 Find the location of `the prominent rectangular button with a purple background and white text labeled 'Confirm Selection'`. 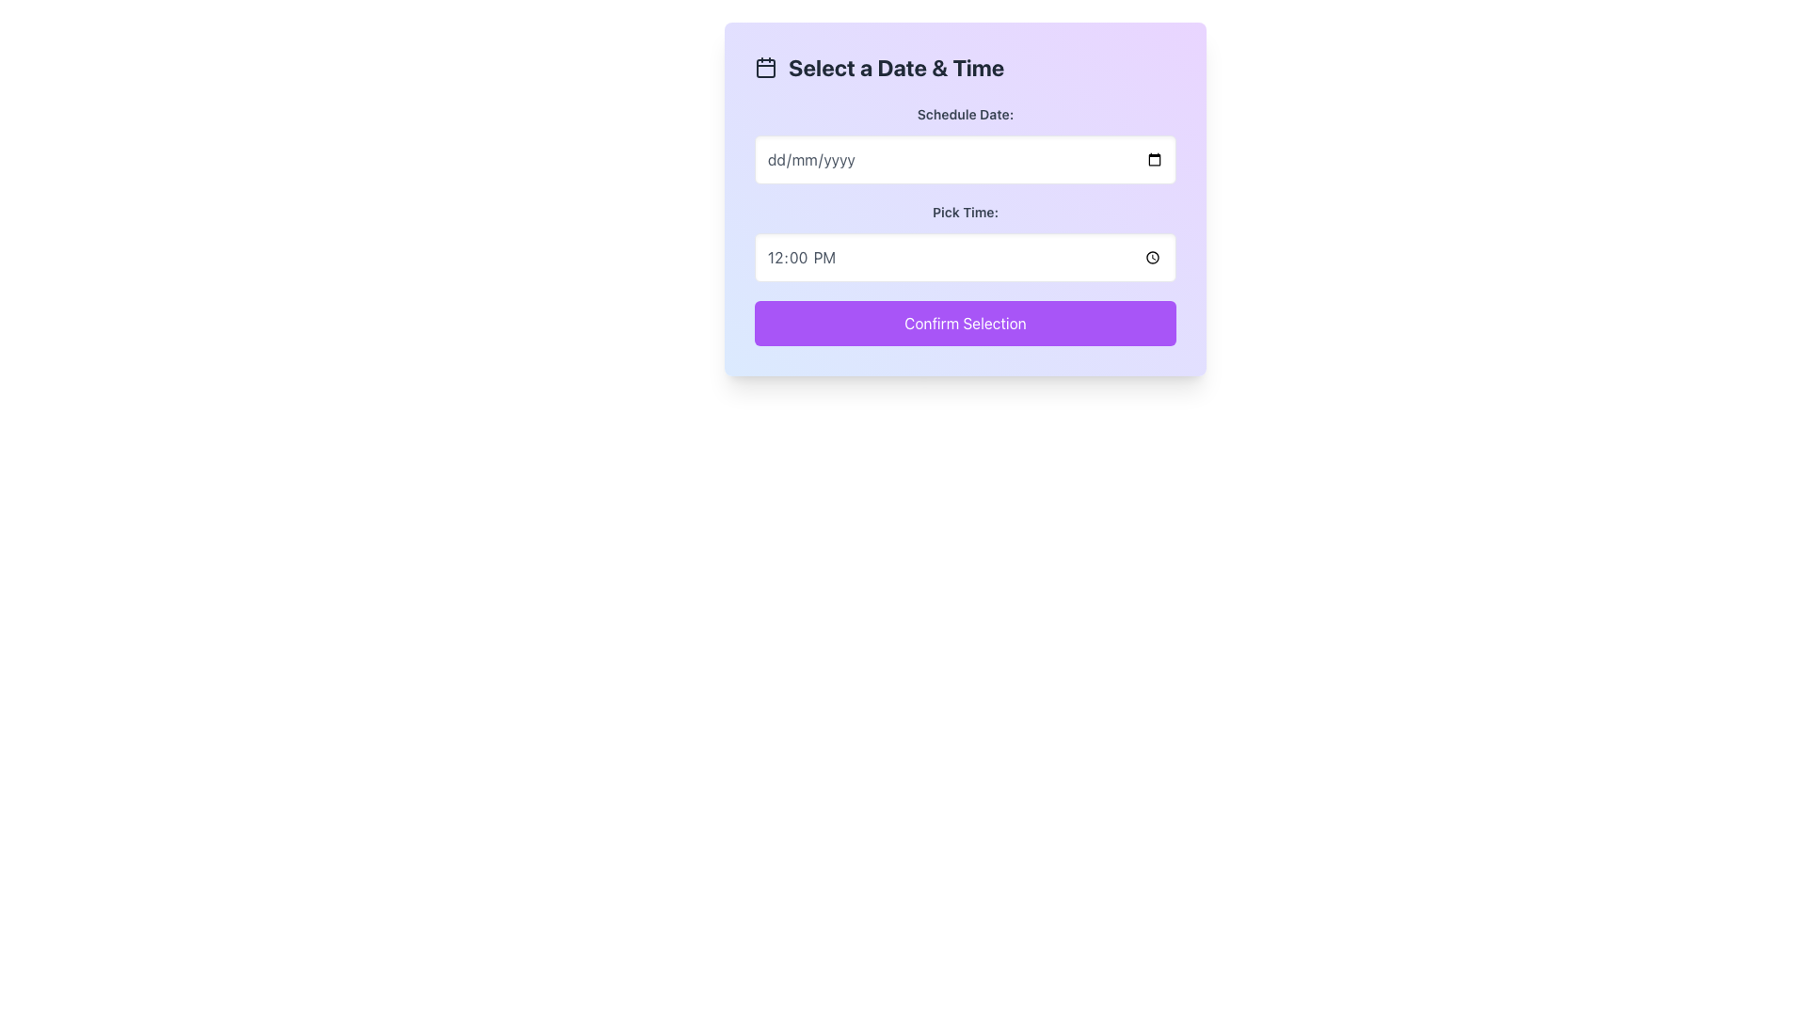

the prominent rectangular button with a purple background and white text labeled 'Confirm Selection' is located at coordinates (966, 322).